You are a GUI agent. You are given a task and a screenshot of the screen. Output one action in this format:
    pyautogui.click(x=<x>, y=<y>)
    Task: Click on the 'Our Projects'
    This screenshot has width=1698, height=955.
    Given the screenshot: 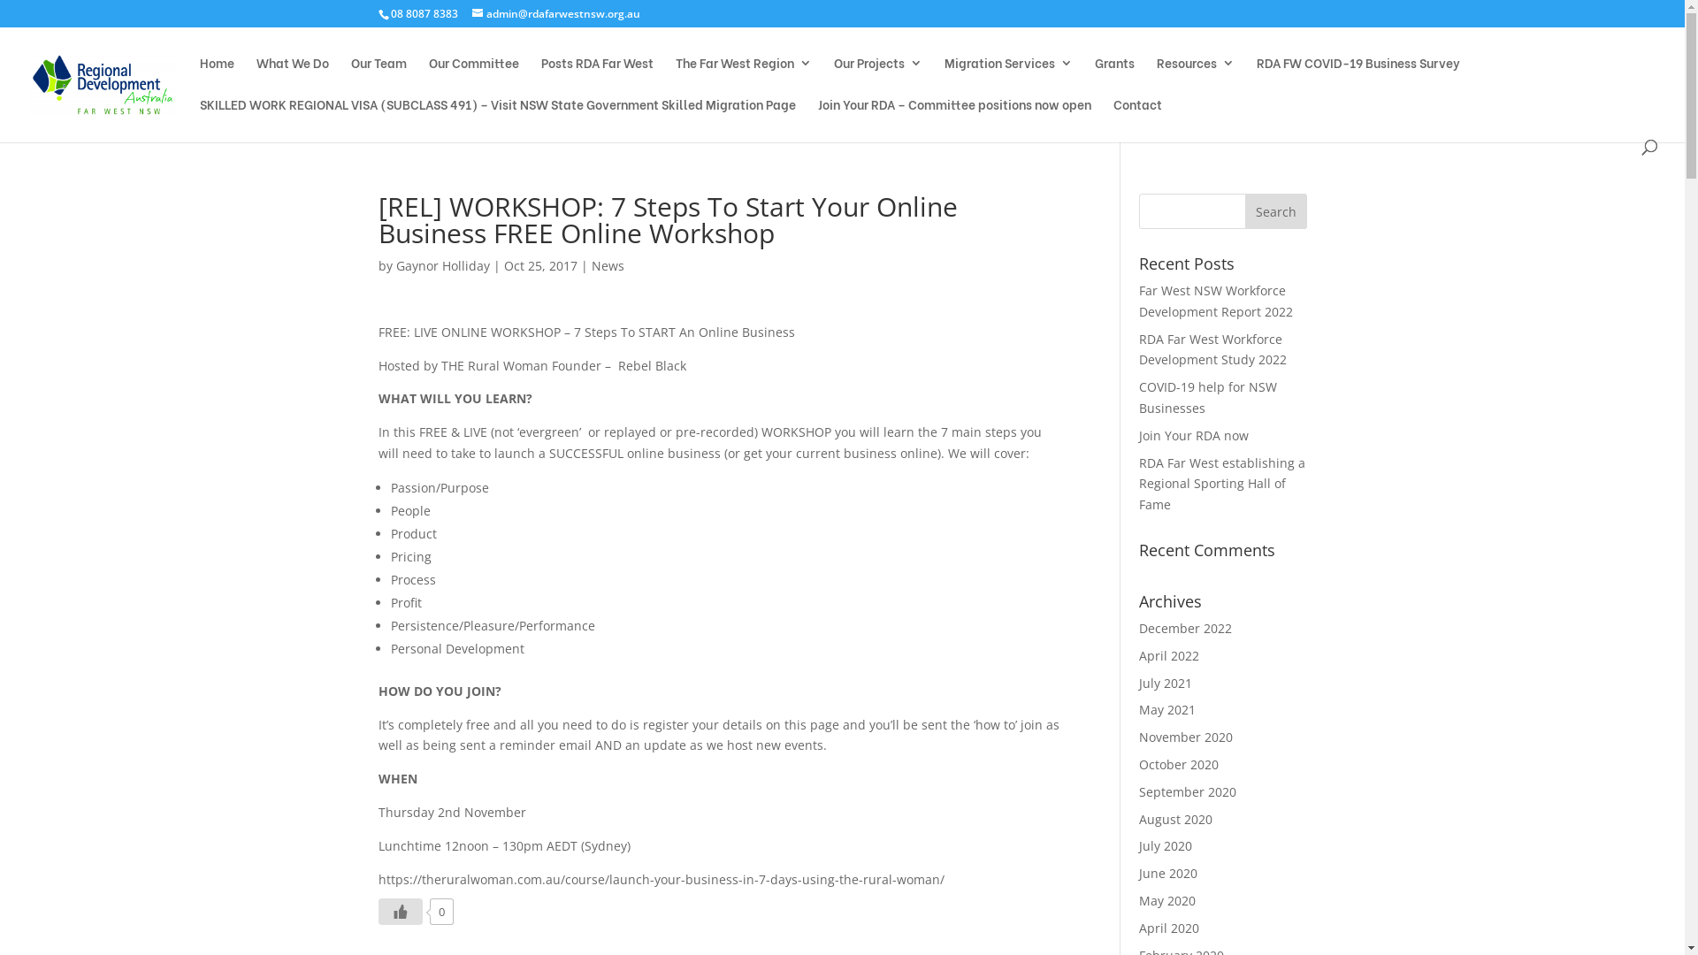 What is the action you would take?
    pyautogui.click(x=878, y=76)
    